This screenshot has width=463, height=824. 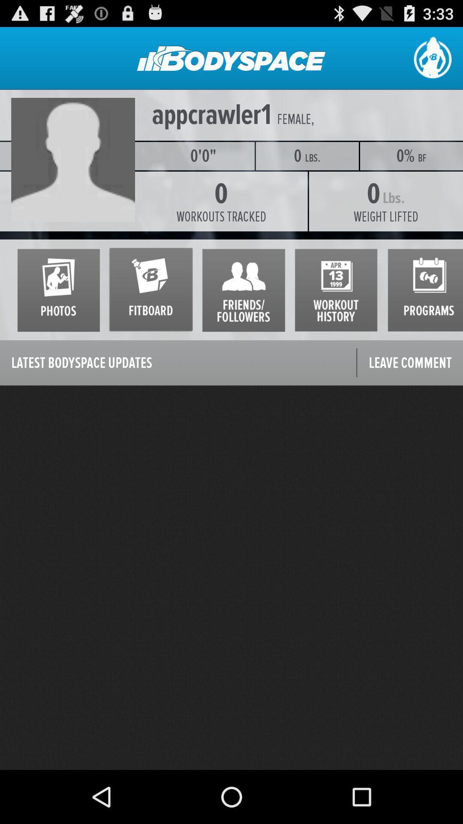 What do you see at coordinates (178, 363) in the screenshot?
I see `the item to the left of leave comment item` at bounding box center [178, 363].